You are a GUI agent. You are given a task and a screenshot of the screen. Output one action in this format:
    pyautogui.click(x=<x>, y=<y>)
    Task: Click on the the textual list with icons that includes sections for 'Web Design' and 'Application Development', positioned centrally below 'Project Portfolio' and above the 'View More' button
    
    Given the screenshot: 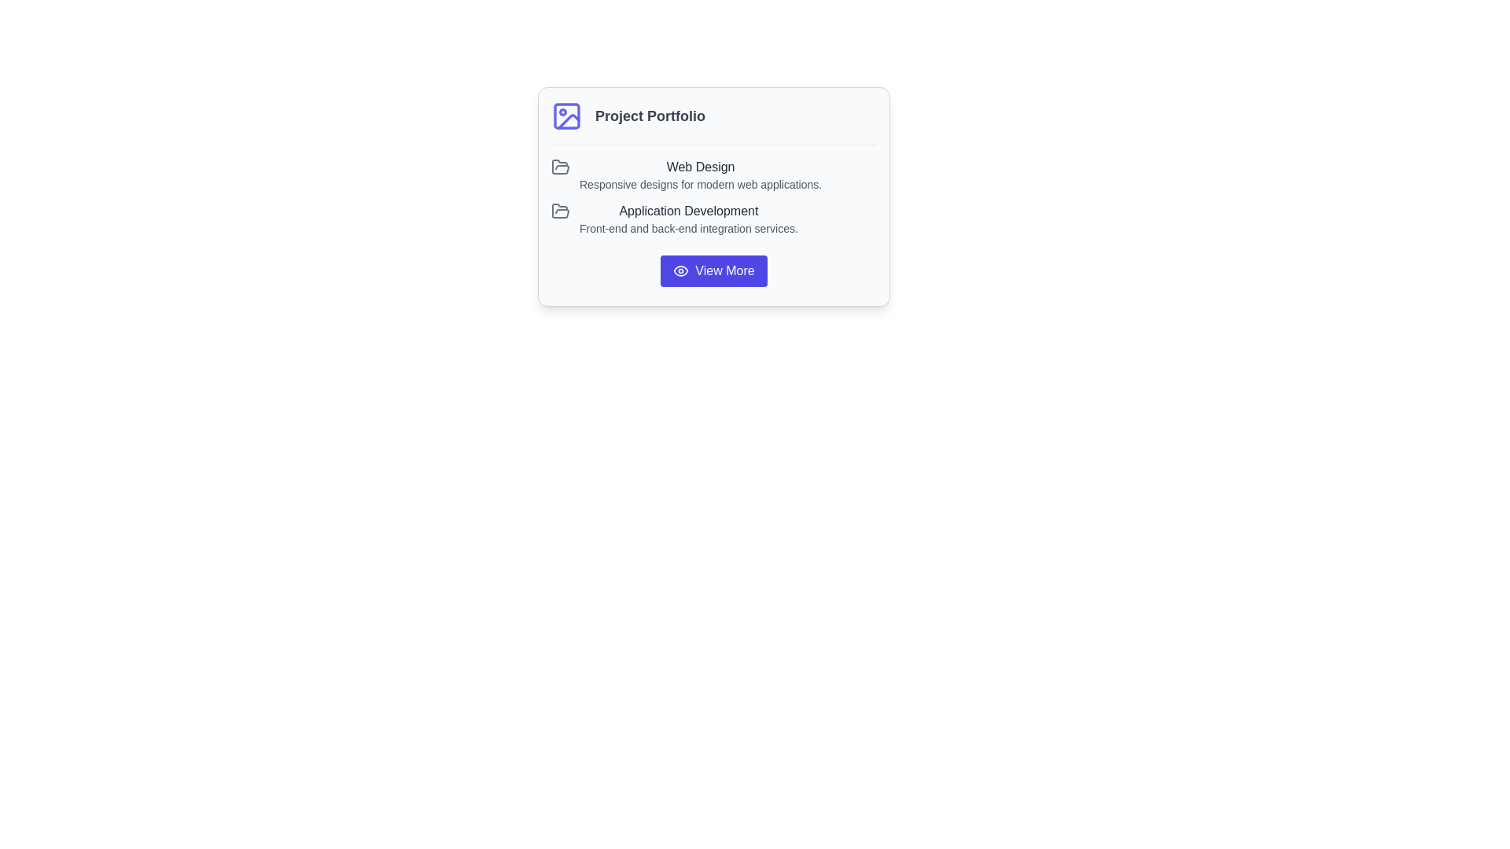 What is the action you would take?
    pyautogui.click(x=713, y=196)
    